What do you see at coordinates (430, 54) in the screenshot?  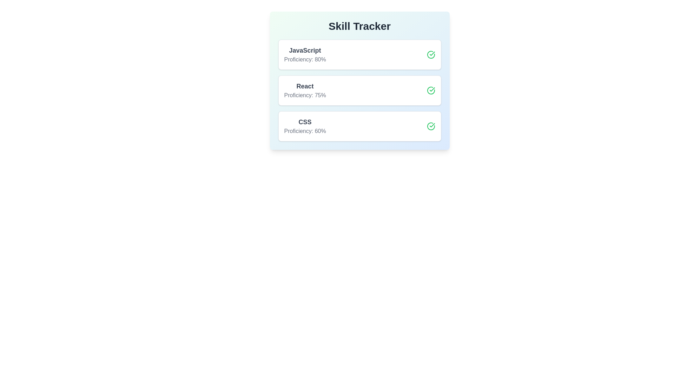 I see `toggle button for the skill JavaScript to enhance or reduce its proficiency` at bounding box center [430, 54].